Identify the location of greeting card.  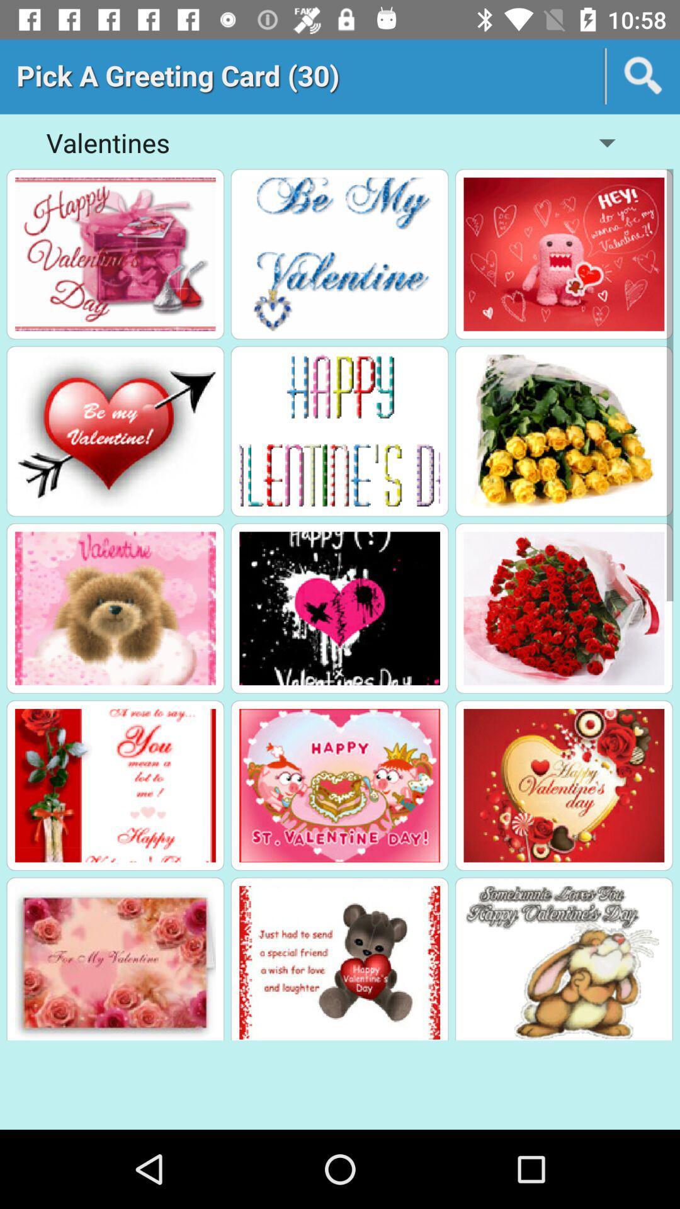
(339, 785).